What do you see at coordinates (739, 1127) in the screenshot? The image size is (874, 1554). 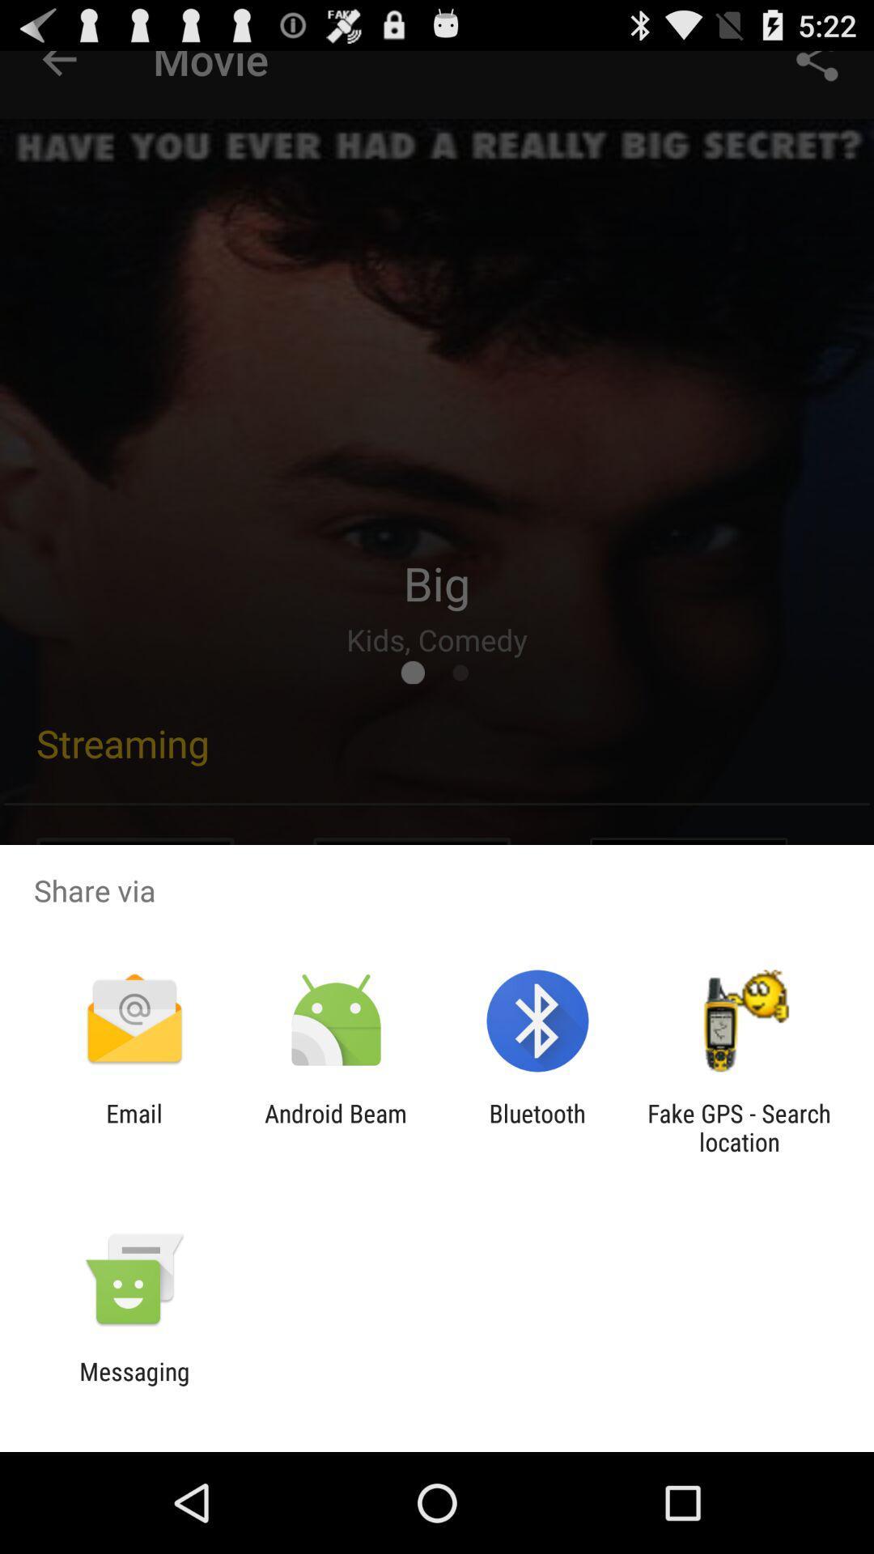 I see `the icon at the bottom right corner` at bounding box center [739, 1127].